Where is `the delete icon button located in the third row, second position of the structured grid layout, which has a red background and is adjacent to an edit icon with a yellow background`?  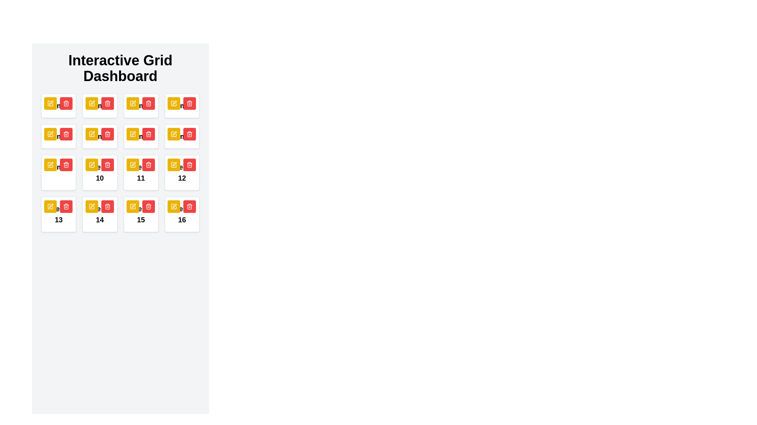
the delete icon button located in the third row, second position of the structured grid layout, which has a red background and is adjacent to an edit icon with a yellow background is located at coordinates (107, 206).